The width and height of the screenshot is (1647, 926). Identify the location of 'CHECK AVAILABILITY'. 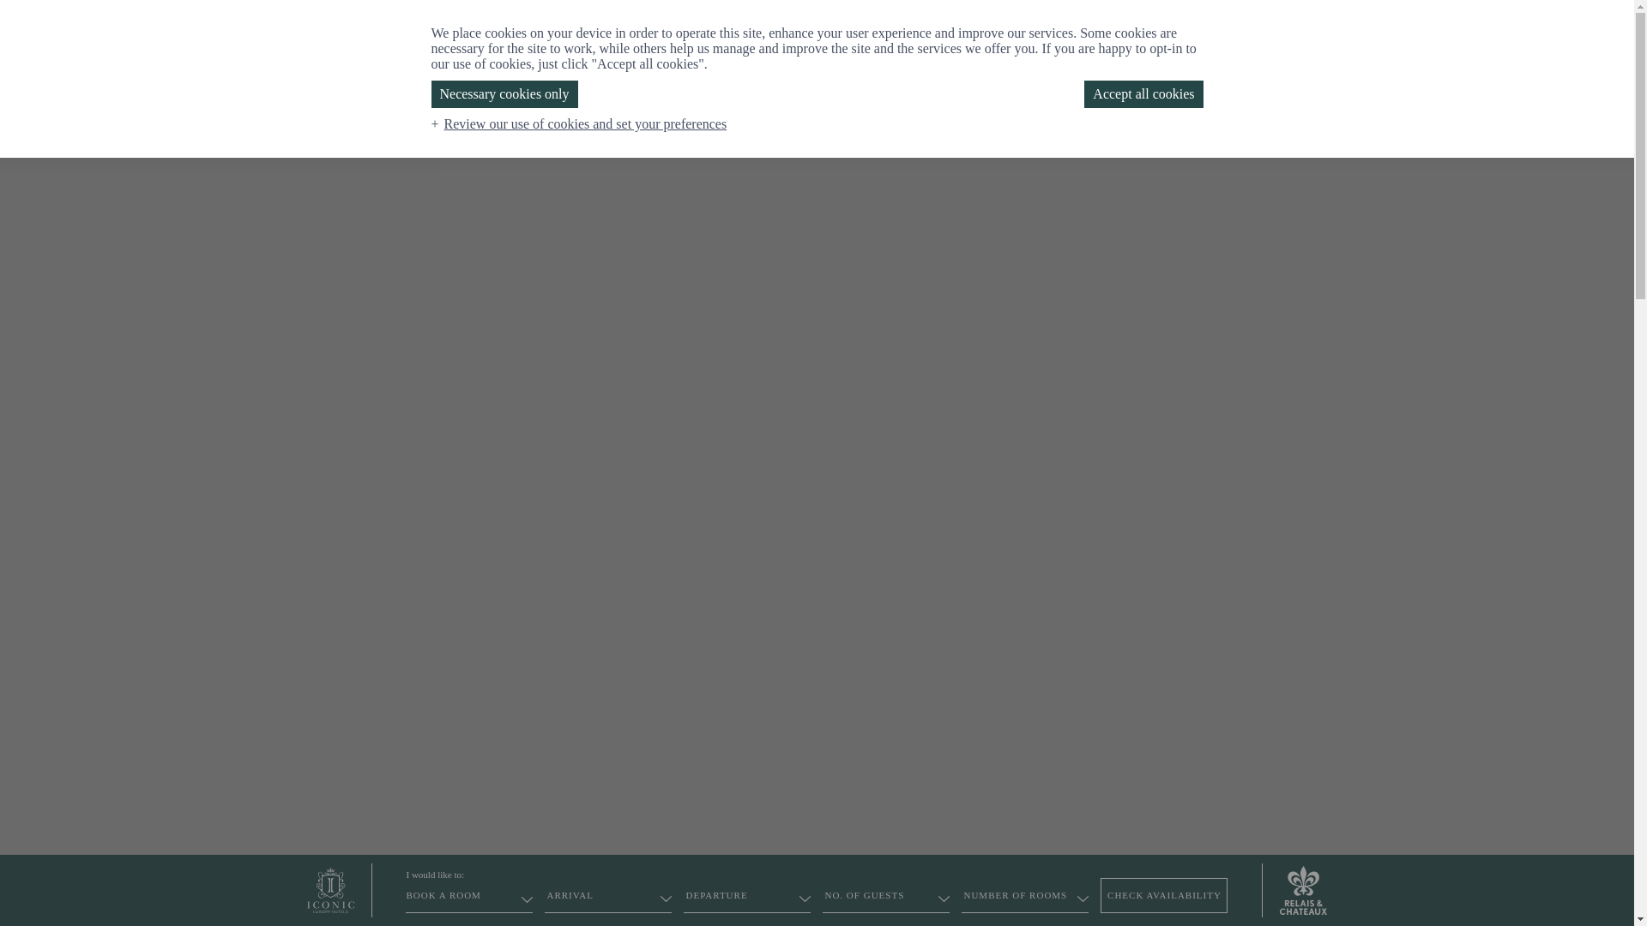
(1164, 894).